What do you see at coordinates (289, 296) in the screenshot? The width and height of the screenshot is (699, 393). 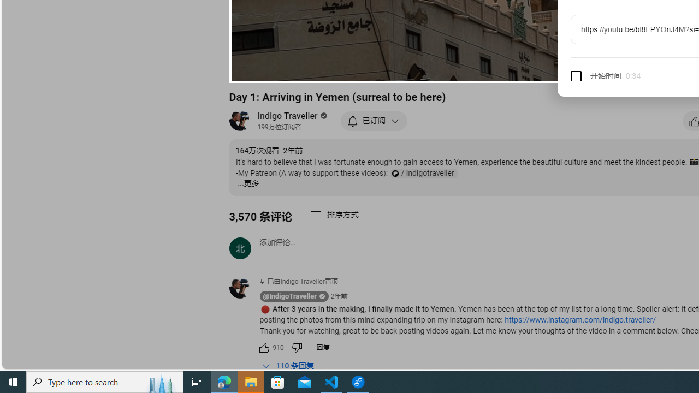 I see `'@IndigoTraveller'` at bounding box center [289, 296].